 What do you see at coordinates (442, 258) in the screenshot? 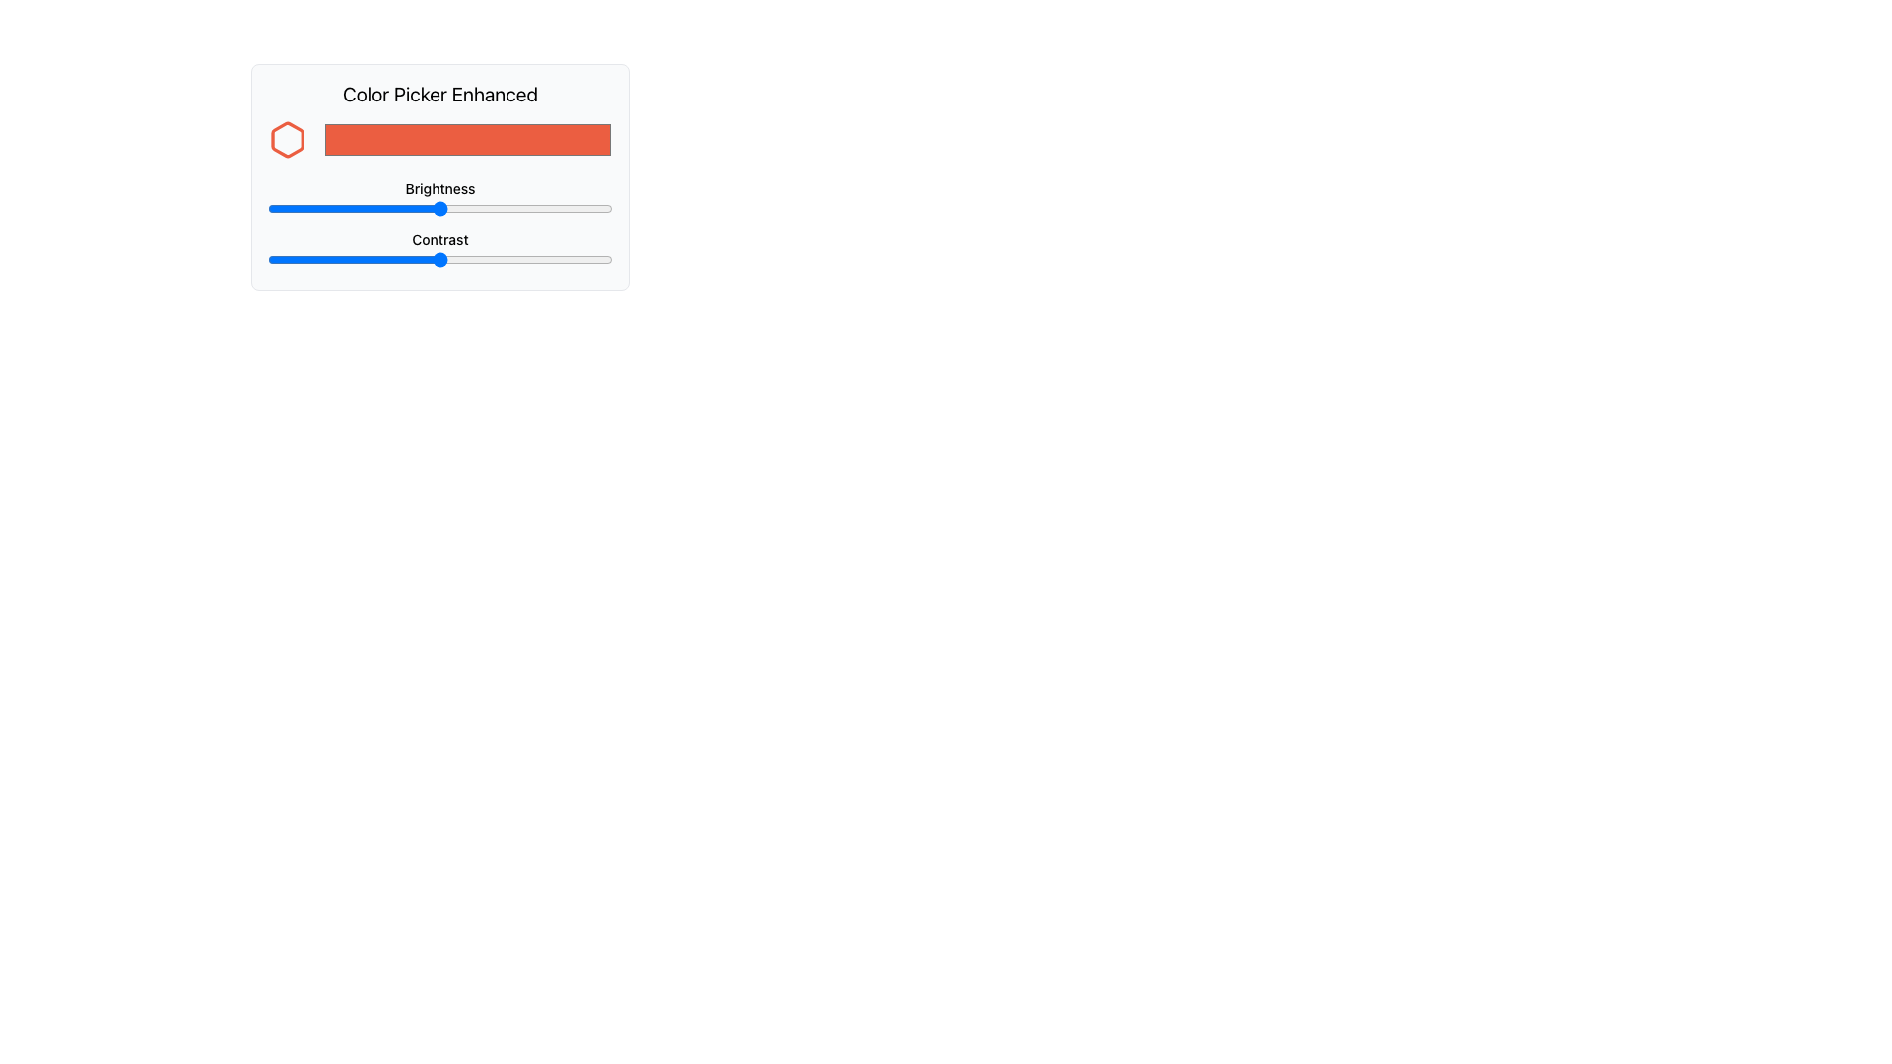
I see `contrast` at bounding box center [442, 258].